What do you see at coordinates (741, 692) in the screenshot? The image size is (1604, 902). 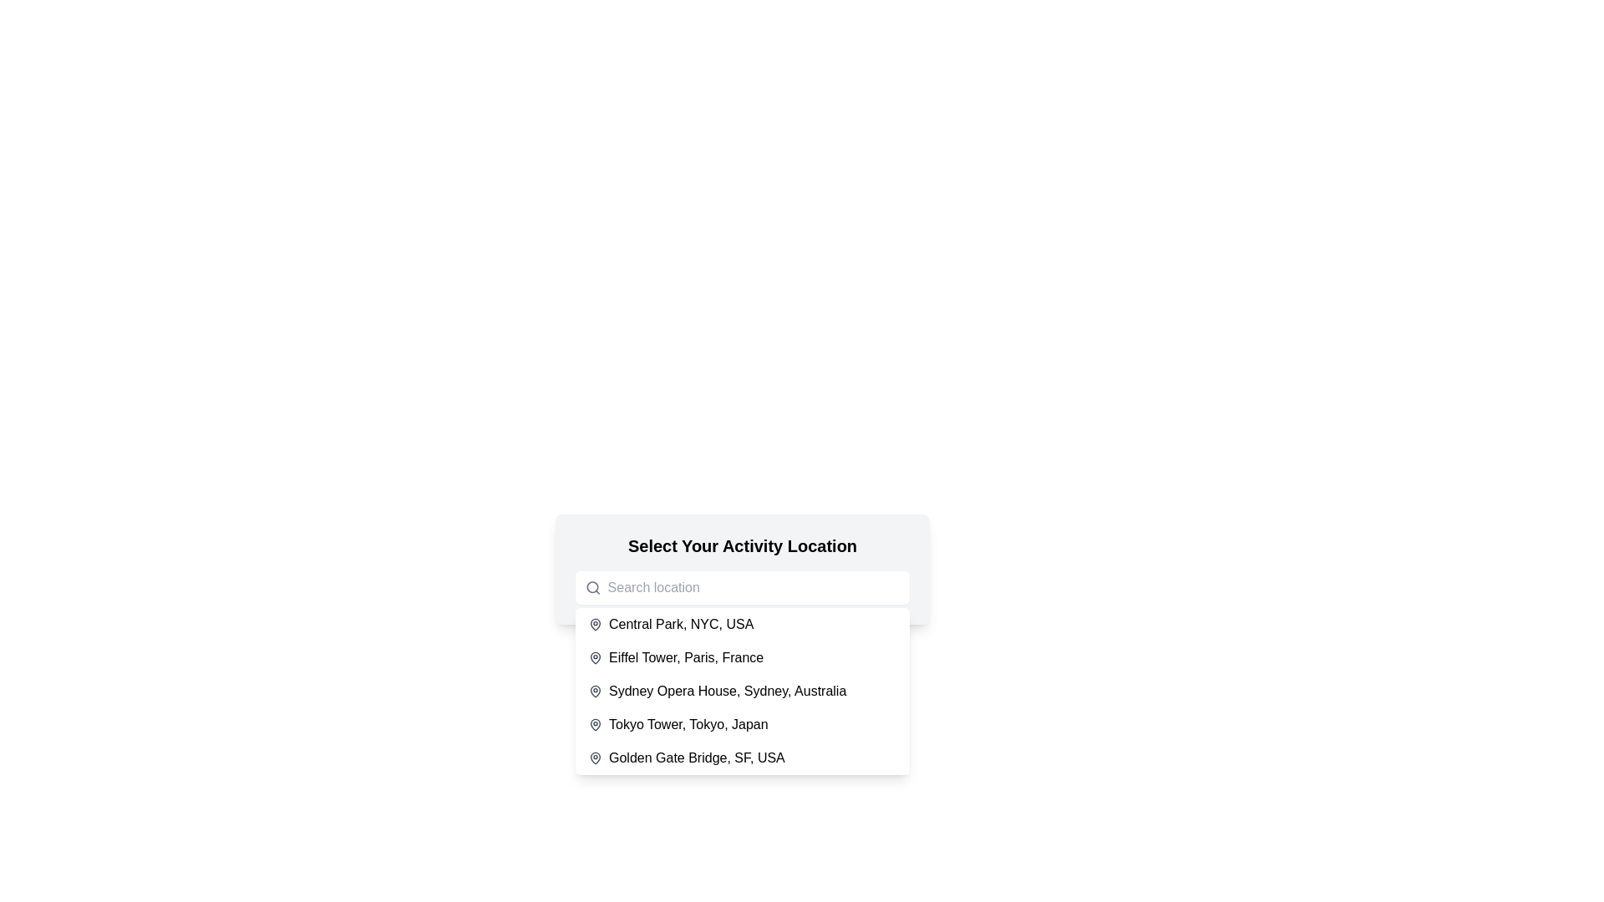 I see `the third option in the dropdown menu` at bounding box center [741, 692].